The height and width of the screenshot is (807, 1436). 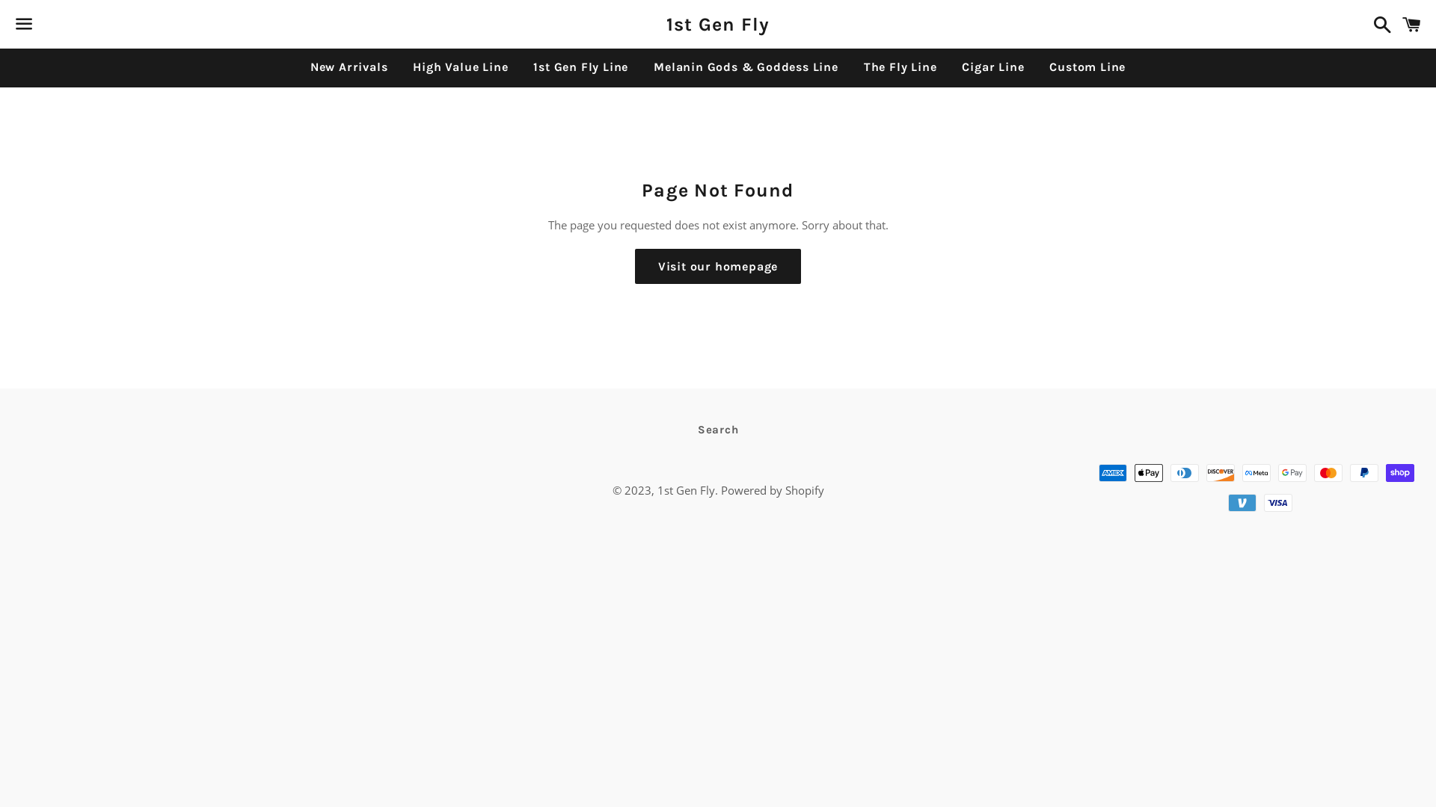 I want to click on 'Powered by Shopify', so click(x=721, y=489).